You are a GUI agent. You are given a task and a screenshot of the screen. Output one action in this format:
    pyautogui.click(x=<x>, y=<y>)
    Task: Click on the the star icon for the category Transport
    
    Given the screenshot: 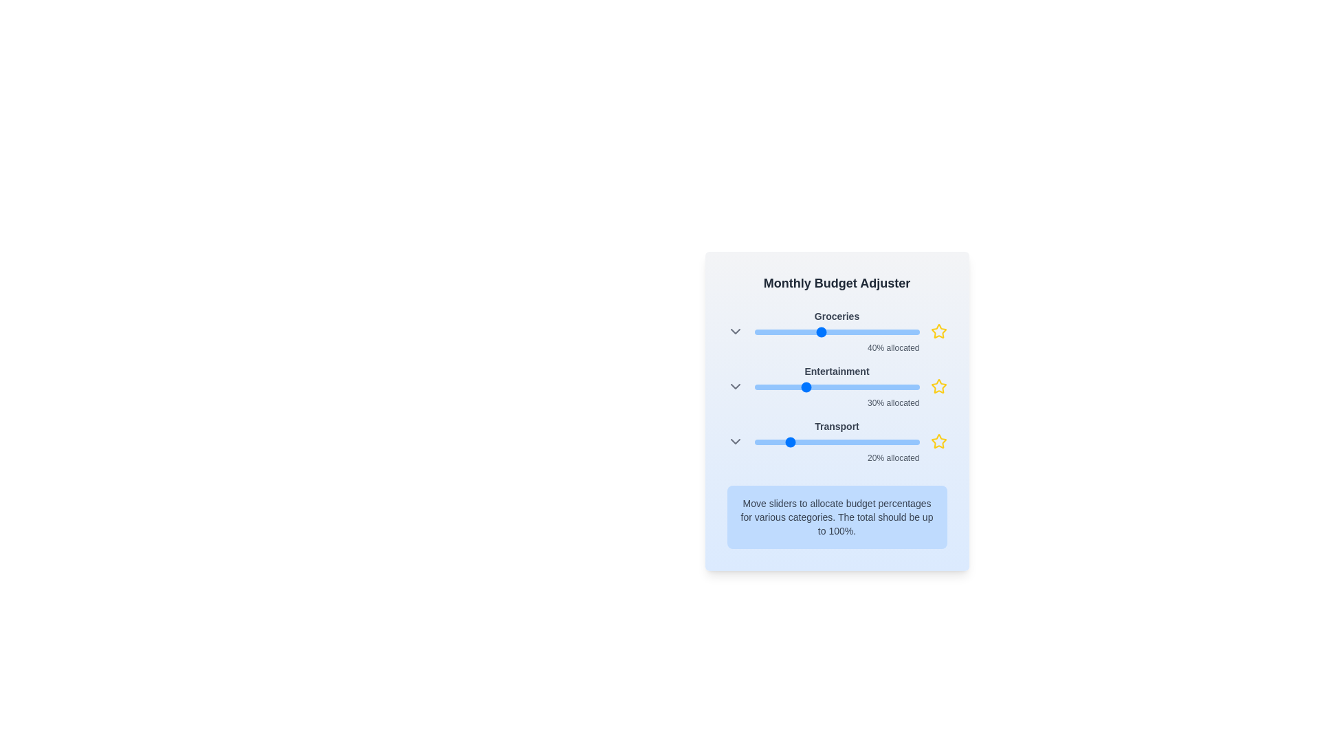 What is the action you would take?
    pyautogui.click(x=938, y=441)
    